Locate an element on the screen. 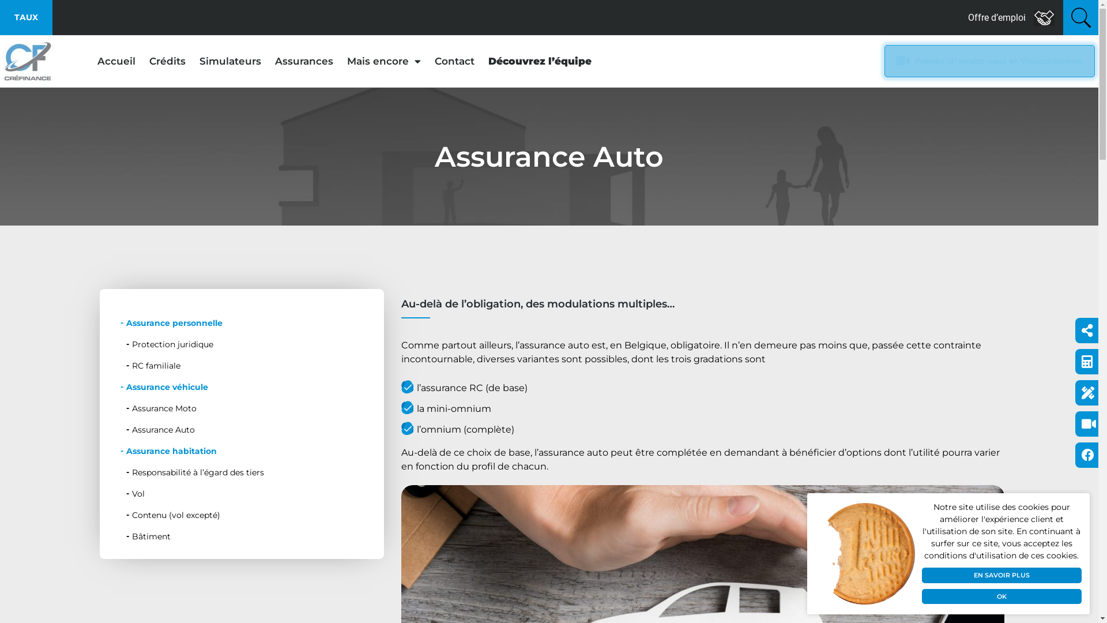 The width and height of the screenshot is (1107, 623). 'Assurances' is located at coordinates (268, 61).